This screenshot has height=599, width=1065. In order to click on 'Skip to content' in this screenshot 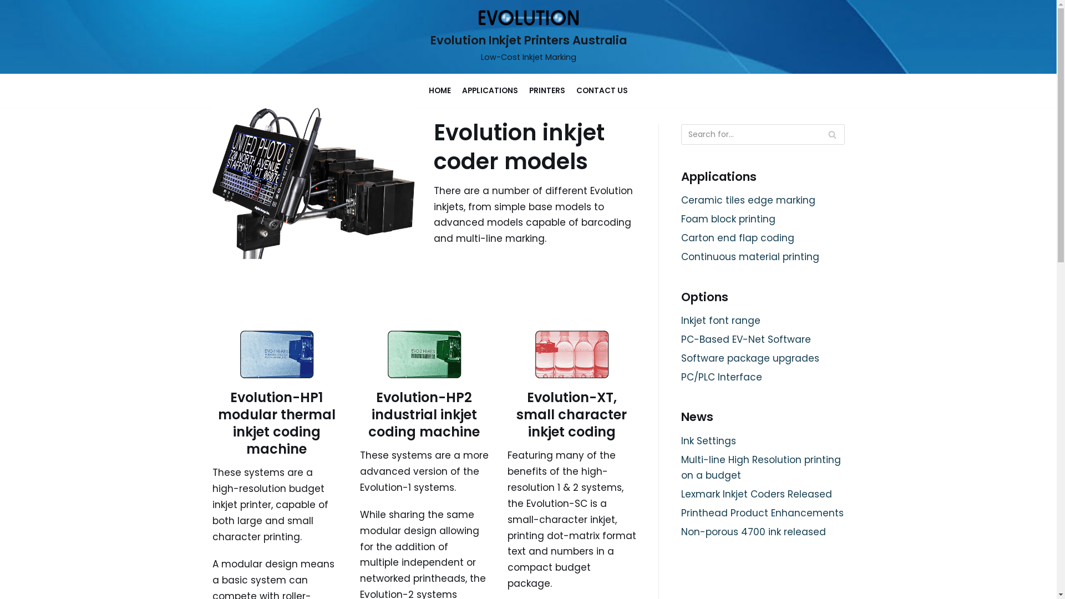, I will do `click(11, 6)`.